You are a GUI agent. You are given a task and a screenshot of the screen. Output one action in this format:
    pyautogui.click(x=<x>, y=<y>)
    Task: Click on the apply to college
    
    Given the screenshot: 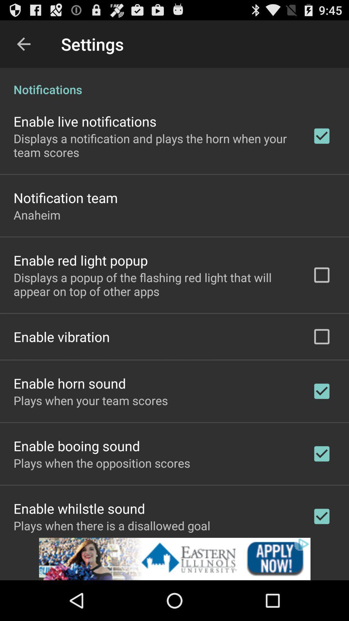 What is the action you would take?
    pyautogui.click(x=174, y=559)
    